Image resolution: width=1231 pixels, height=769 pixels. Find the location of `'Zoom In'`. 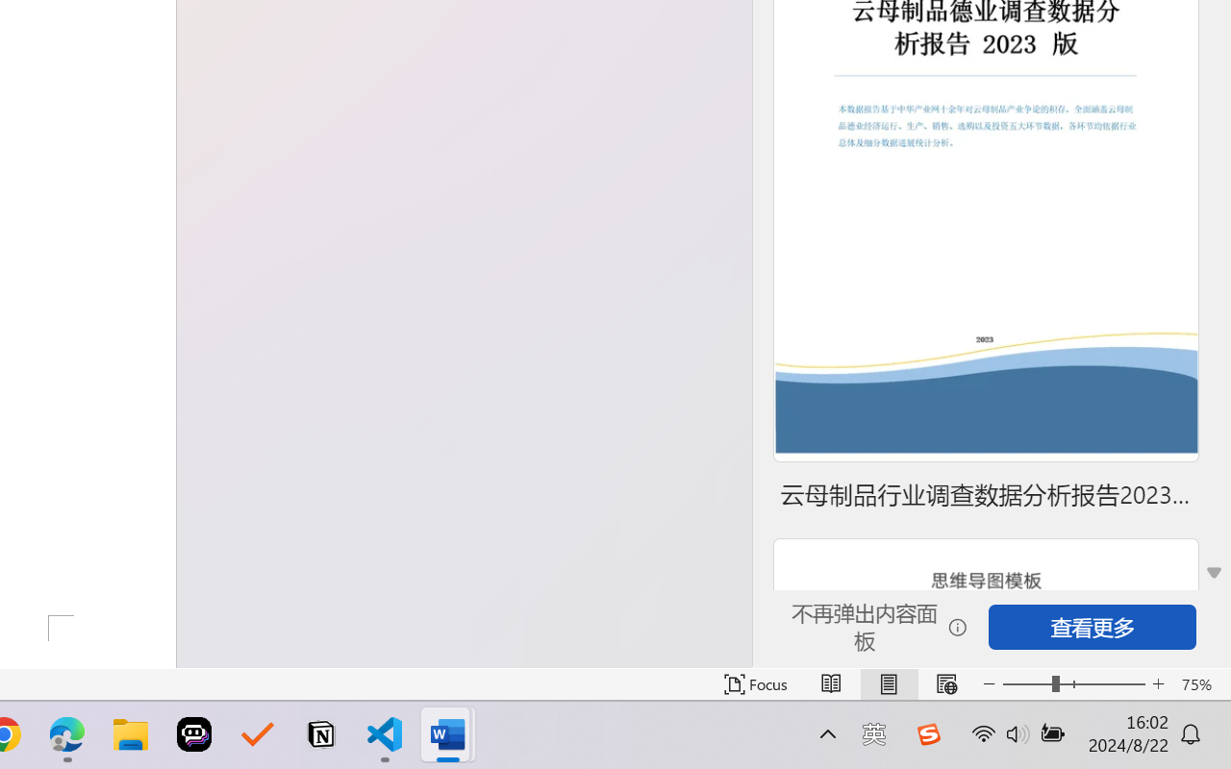

'Zoom In' is located at coordinates (1158, 683).